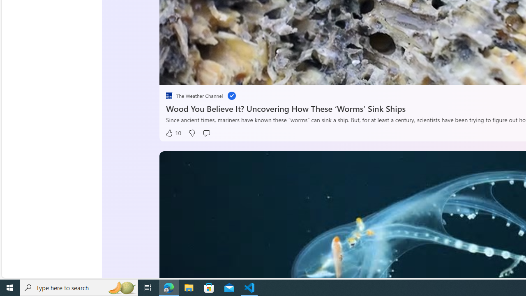 The image size is (526, 296). What do you see at coordinates (194, 95) in the screenshot?
I see `'placeholder The Weather Channel'` at bounding box center [194, 95].